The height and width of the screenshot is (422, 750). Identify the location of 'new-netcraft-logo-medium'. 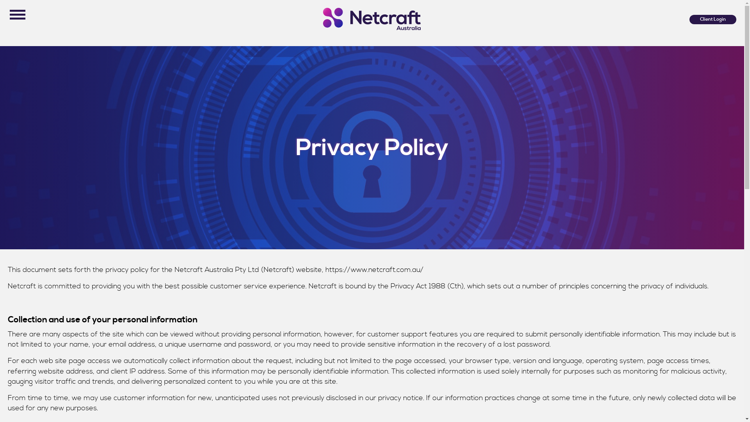
(323, 18).